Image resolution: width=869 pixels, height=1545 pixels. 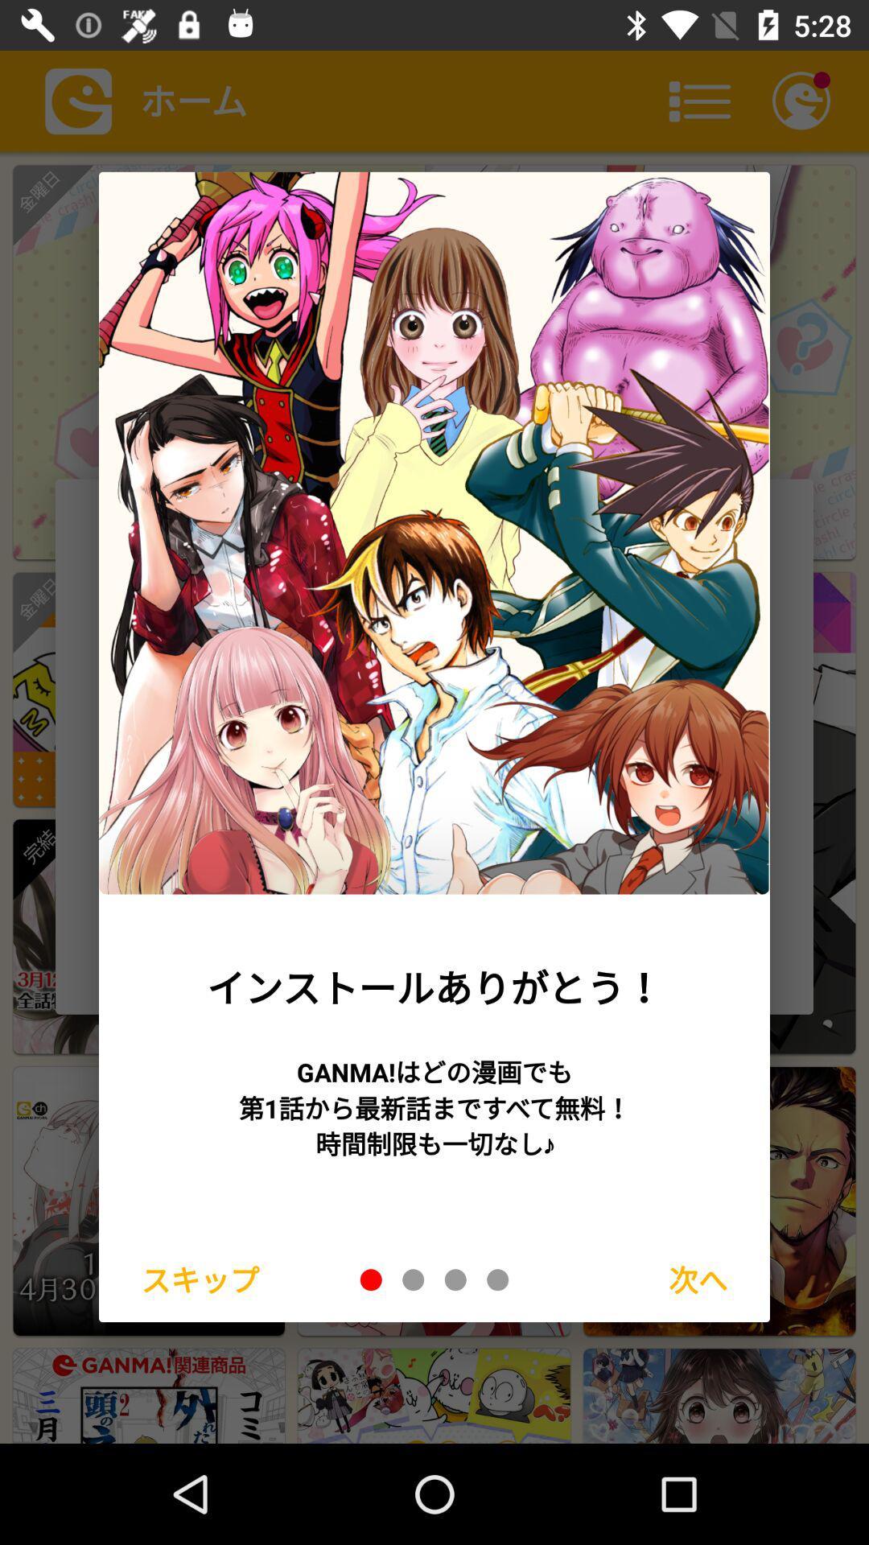 I want to click on fourth slide, so click(x=496, y=1279).